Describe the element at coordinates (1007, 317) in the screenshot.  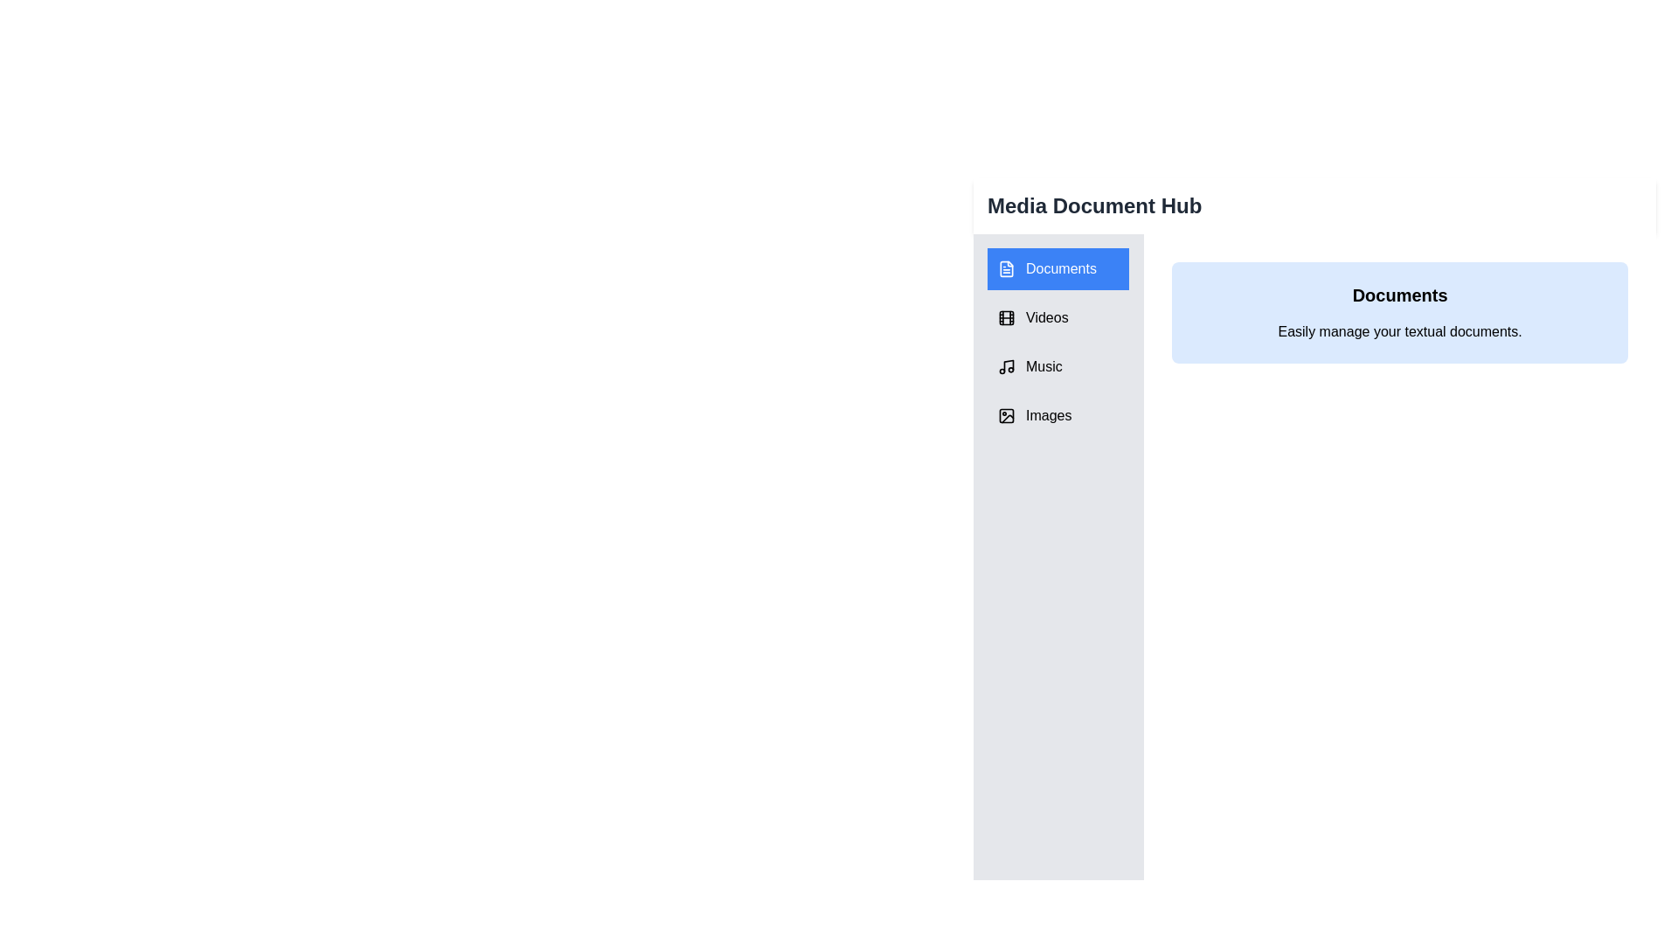
I see `the icon associated with the tab Videos` at that location.